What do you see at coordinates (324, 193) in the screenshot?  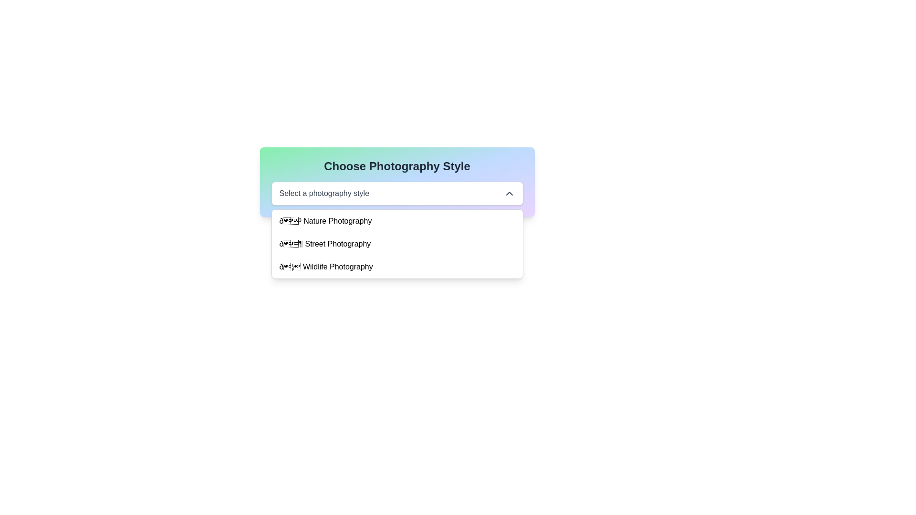 I see `the Text Label that prompts users about the photography style dropdown selector, located to the left of the arrow icon and below the title 'Choose Photography Style'` at bounding box center [324, 193].